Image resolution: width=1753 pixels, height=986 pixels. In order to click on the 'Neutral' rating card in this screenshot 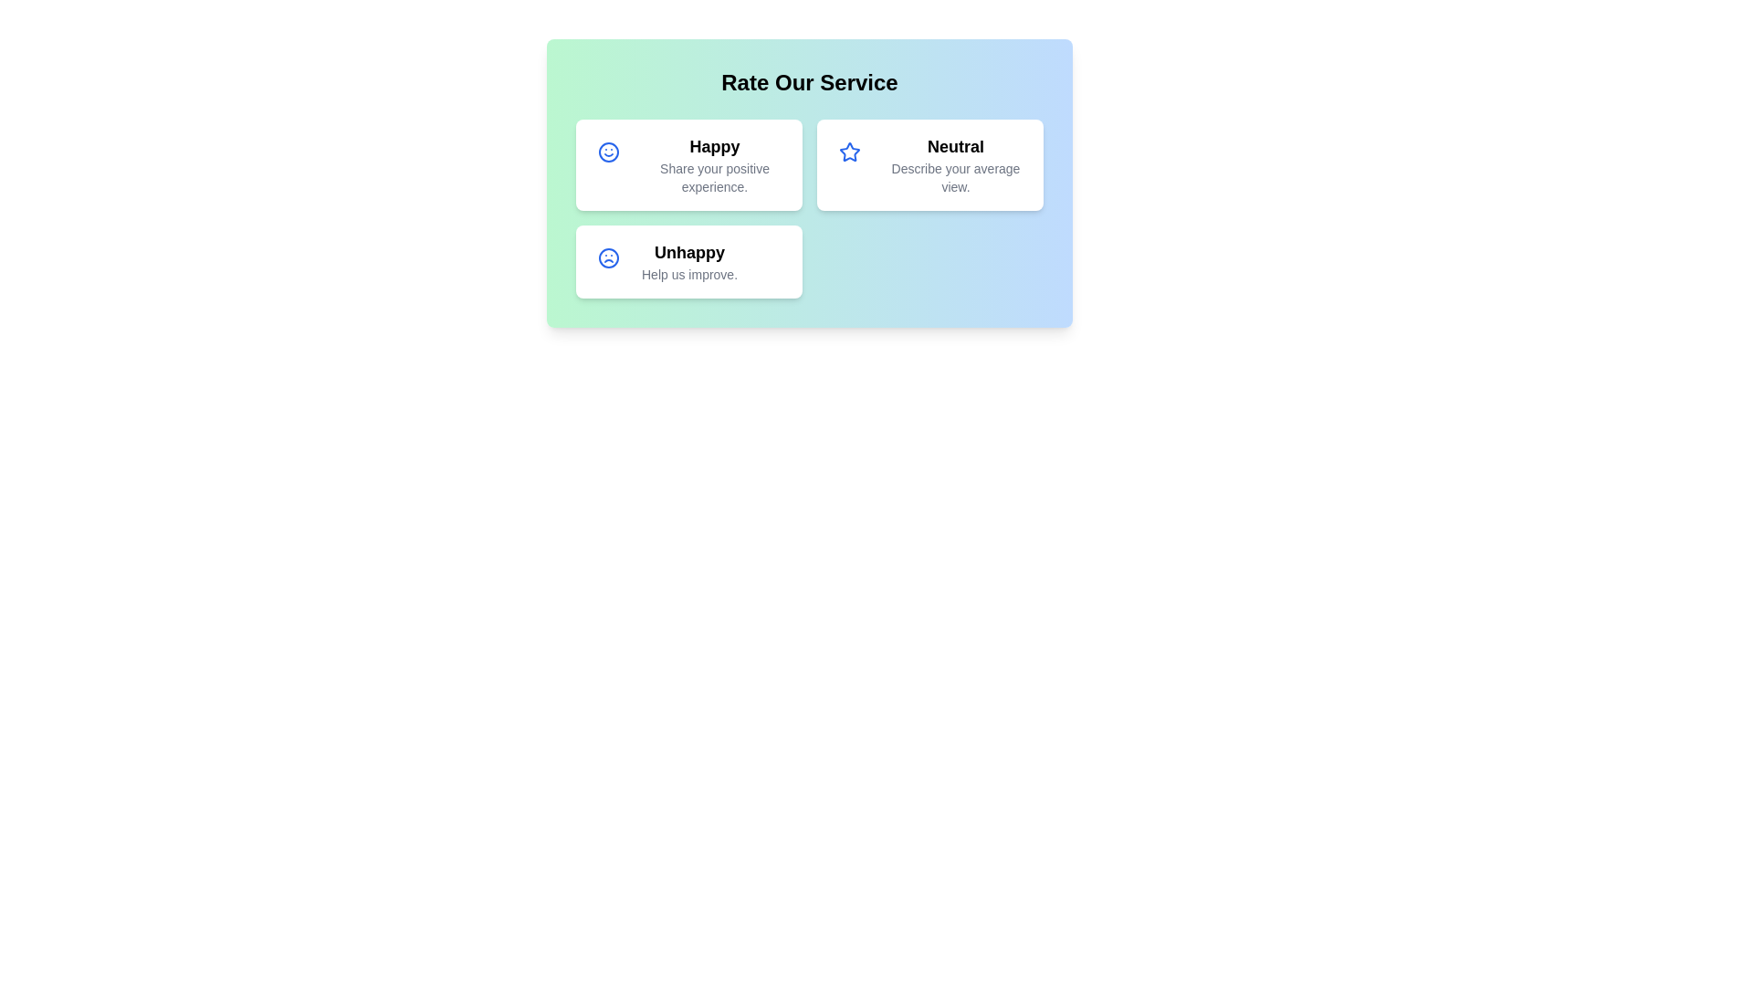, I will do `click(929, 165)`.